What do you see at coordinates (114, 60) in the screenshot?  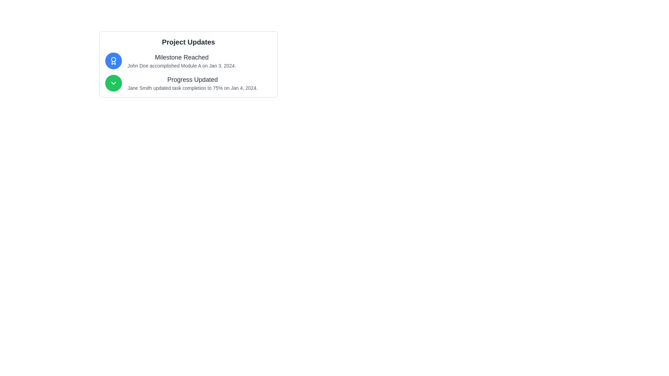 I see `the circular icon with a blue background and a white ribbon-shaped award symbol, located at the top left corner of the card under 'Project Updates' aligned with 'Milestone Reached'` at bounding box center [114, 60].